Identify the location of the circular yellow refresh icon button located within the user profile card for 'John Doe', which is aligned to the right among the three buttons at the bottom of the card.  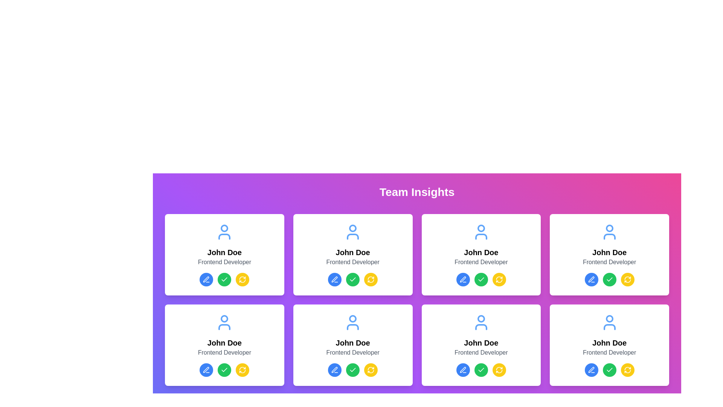
(499, 370).